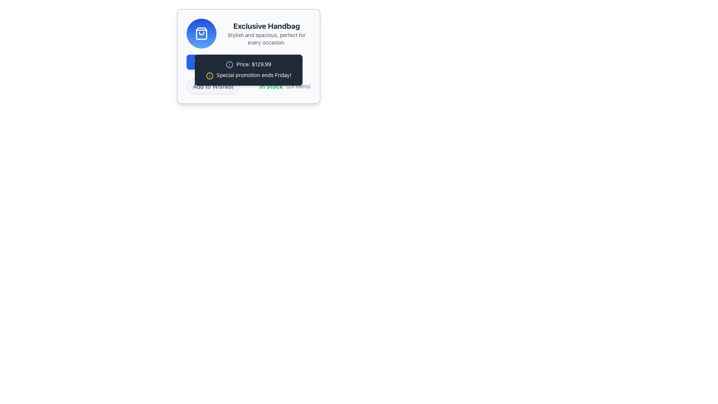  Describe the element at coordinates (271, 86) in the screenshot. I see `status information displayed by the 'In Stock' text label, which is in green, bold font and positioned in the bottom portion of the card interface` at that location.